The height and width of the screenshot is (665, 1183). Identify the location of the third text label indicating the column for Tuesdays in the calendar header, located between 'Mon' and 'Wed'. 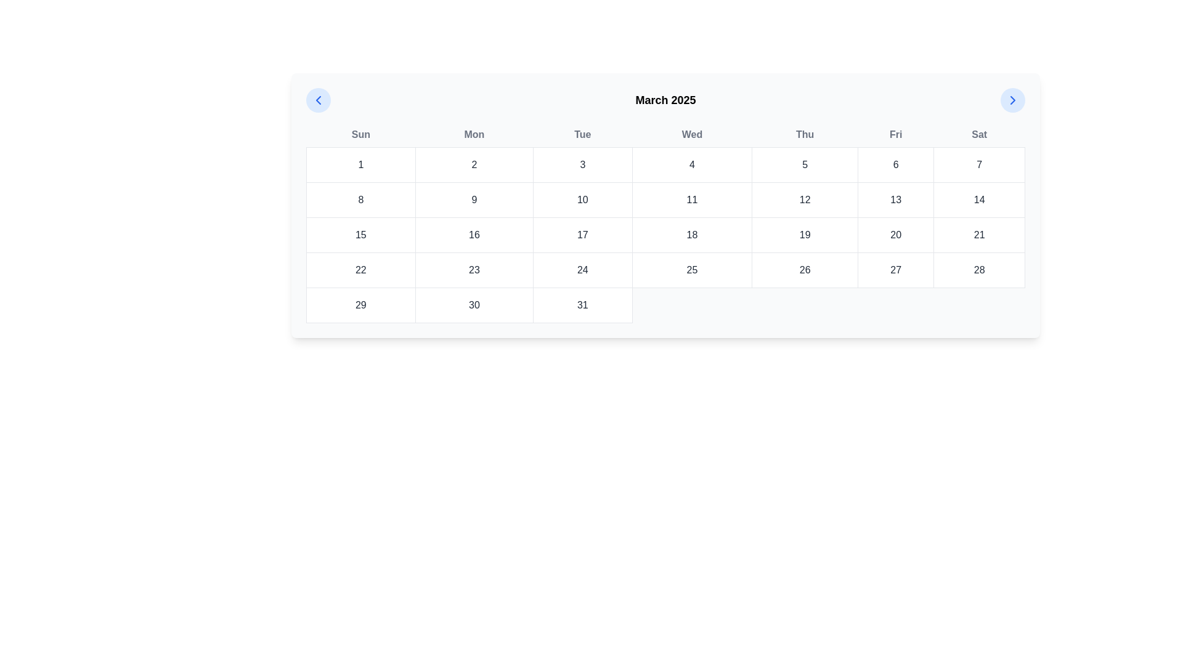
(582, 135).